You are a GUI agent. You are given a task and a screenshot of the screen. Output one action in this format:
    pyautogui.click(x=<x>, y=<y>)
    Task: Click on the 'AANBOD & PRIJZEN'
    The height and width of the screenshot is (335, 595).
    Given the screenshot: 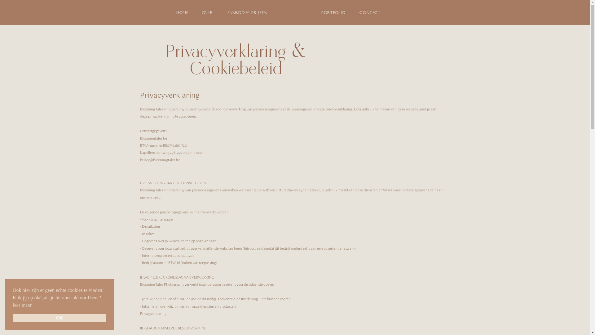 What is the action you would take?
    pyautogui.click(x=247, y=12)
    